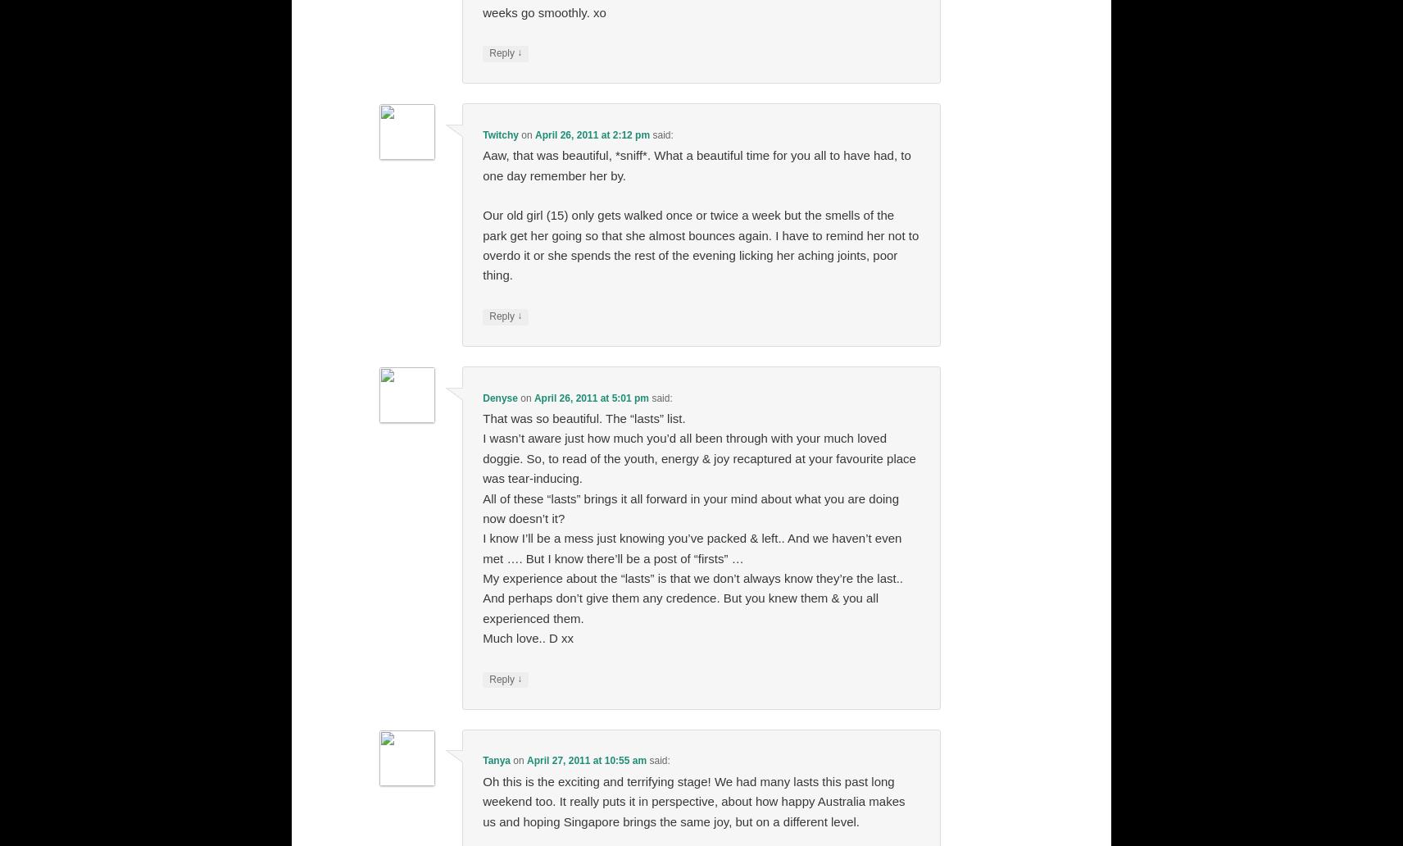  I want to click on 'All of these “lasts” brings it all forward in your mind about what you are doing now doesn’t it?', so click(690, 507).